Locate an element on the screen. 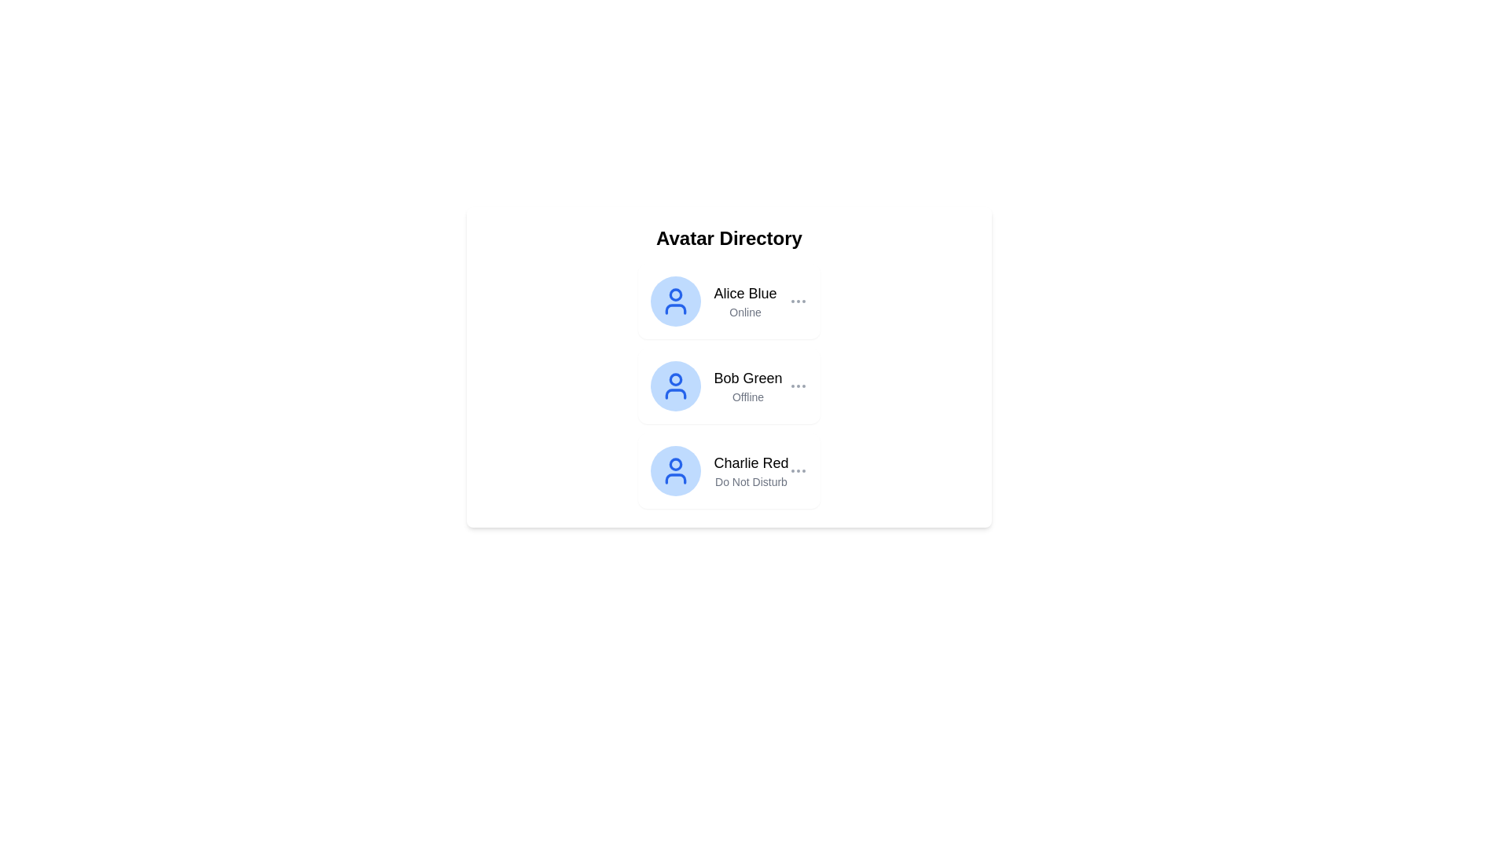  the two-line text display that reads 'Charlie Red' and 'Do Not Disturb' is located at coordinates (750, 470).